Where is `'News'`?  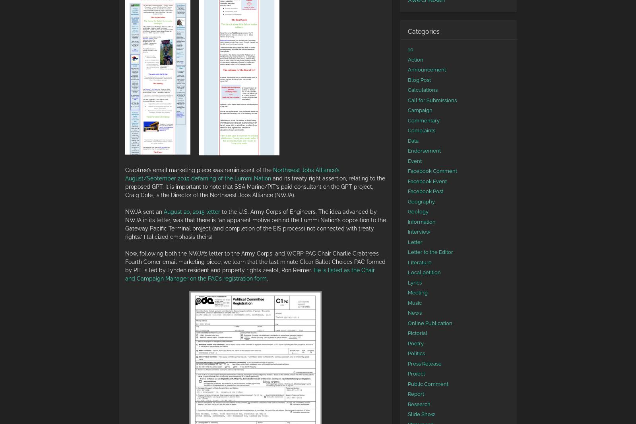
'News' is located at coordinates (407, 312).